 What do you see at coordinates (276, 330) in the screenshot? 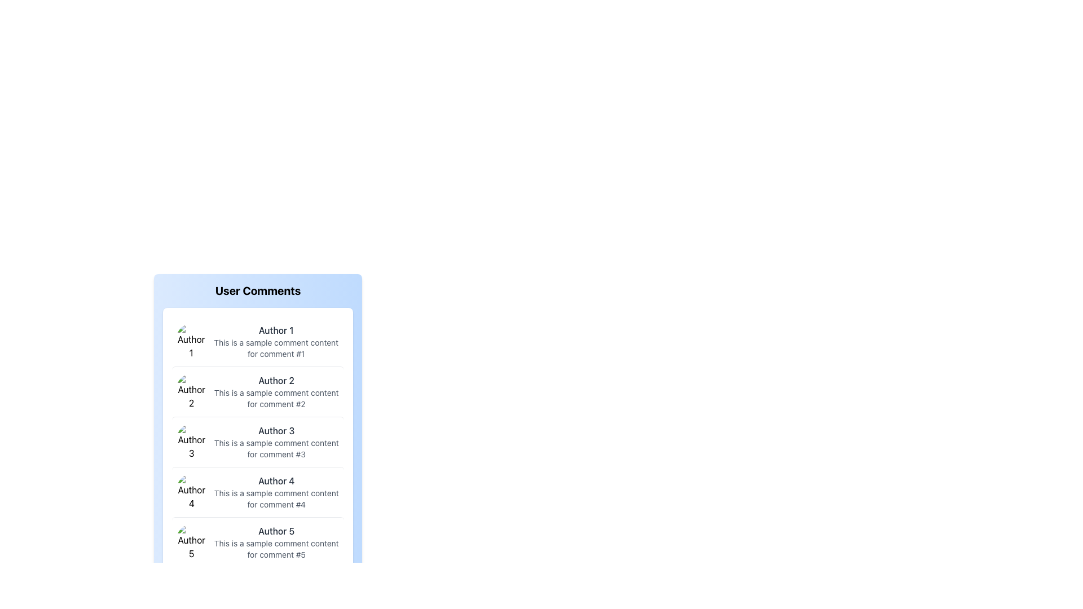
I see `the text label displaying 'Author 1' in bold gray font, located in the header section of the first comment block` at bounding box center [276, 330].